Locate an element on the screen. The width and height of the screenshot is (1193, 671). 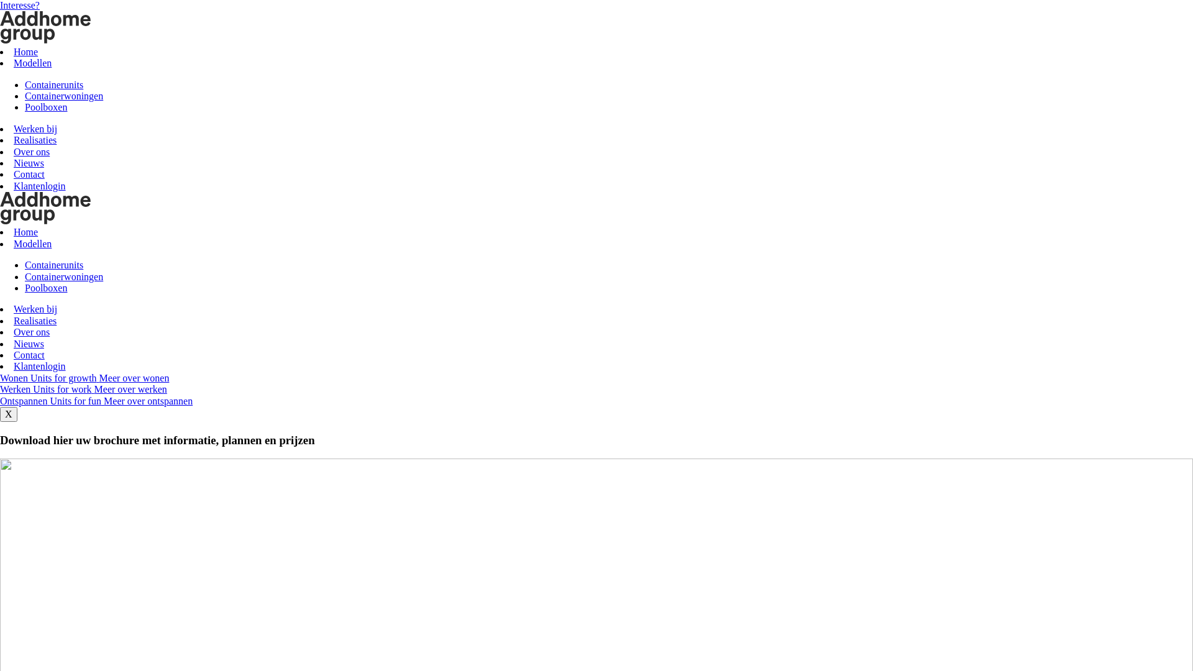
'Home' is located at coordinates (25, 232).